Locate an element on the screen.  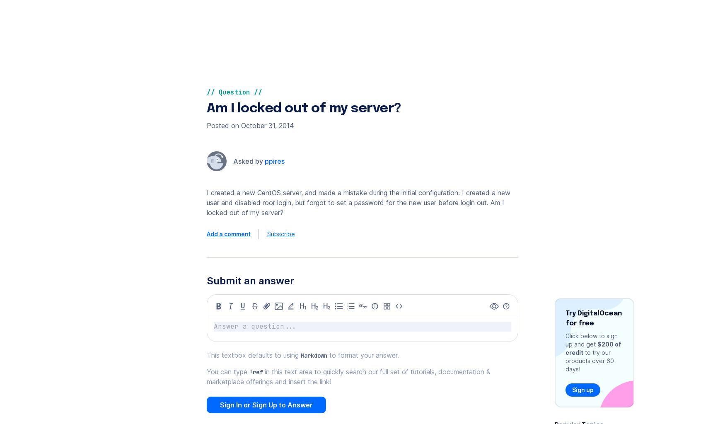
'Sign up' is located at coordinates (585, 30).